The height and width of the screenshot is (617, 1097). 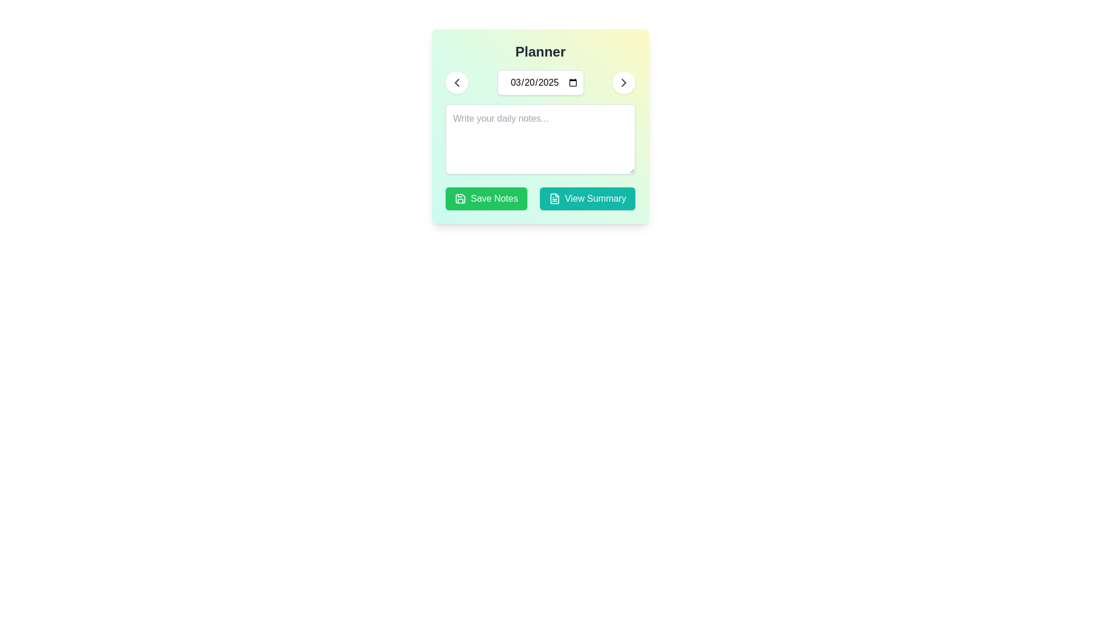 What do you see at coordinates (539, 82) in the screenshot?
I see `the date picker input field located centrally within the 'Planner' panel to change the date` at bounding box center [539, 82].